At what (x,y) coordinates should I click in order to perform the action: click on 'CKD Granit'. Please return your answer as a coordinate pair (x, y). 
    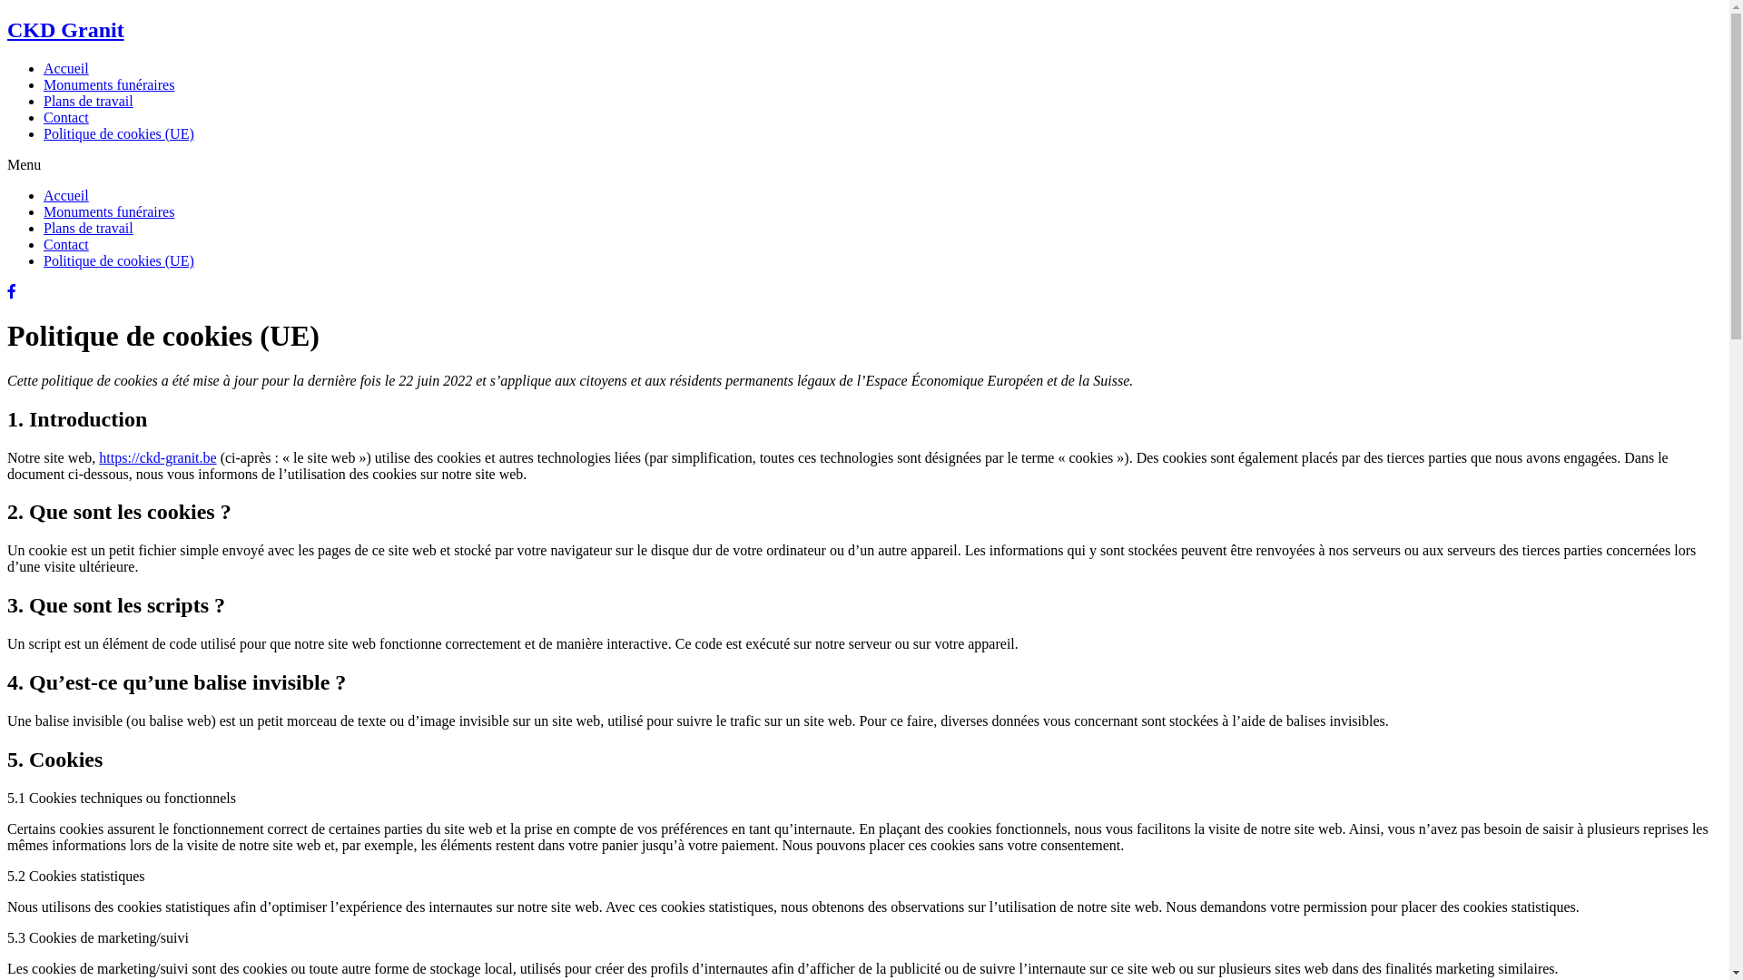
    Looking at the image, I should click on (7, 30).